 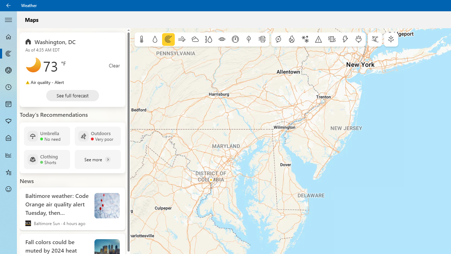 I want to click on 'Back', so click(x=8, y=5).